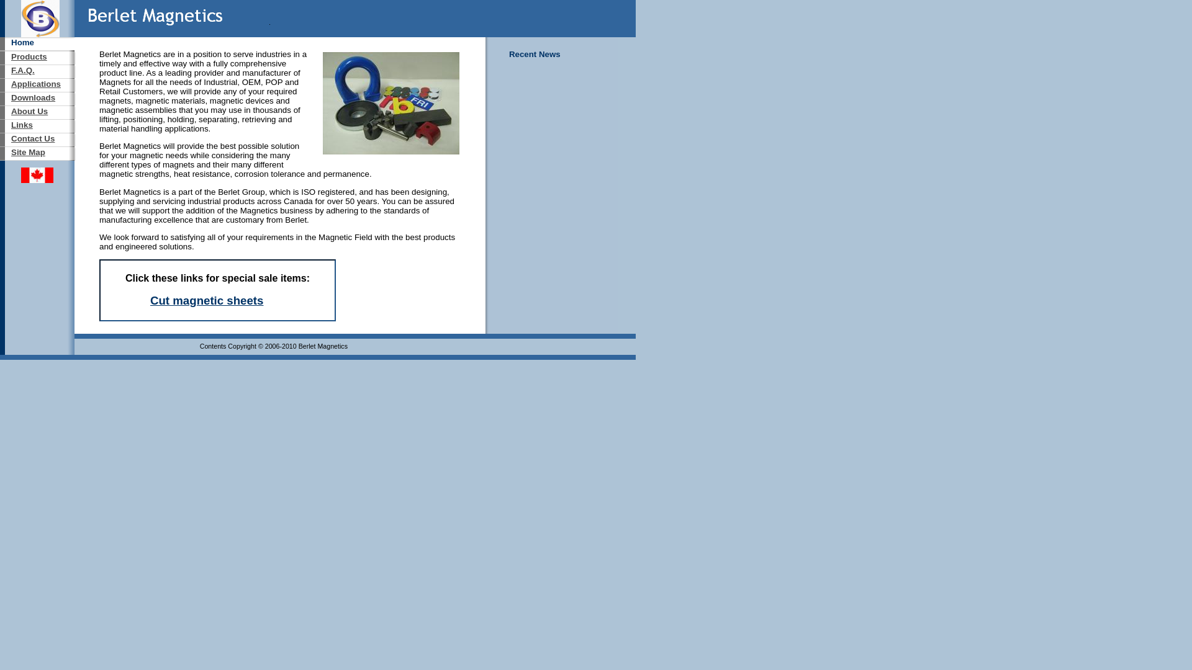 The image size is (1192, 670). I want to click on 'About Us', so click(29, 110).